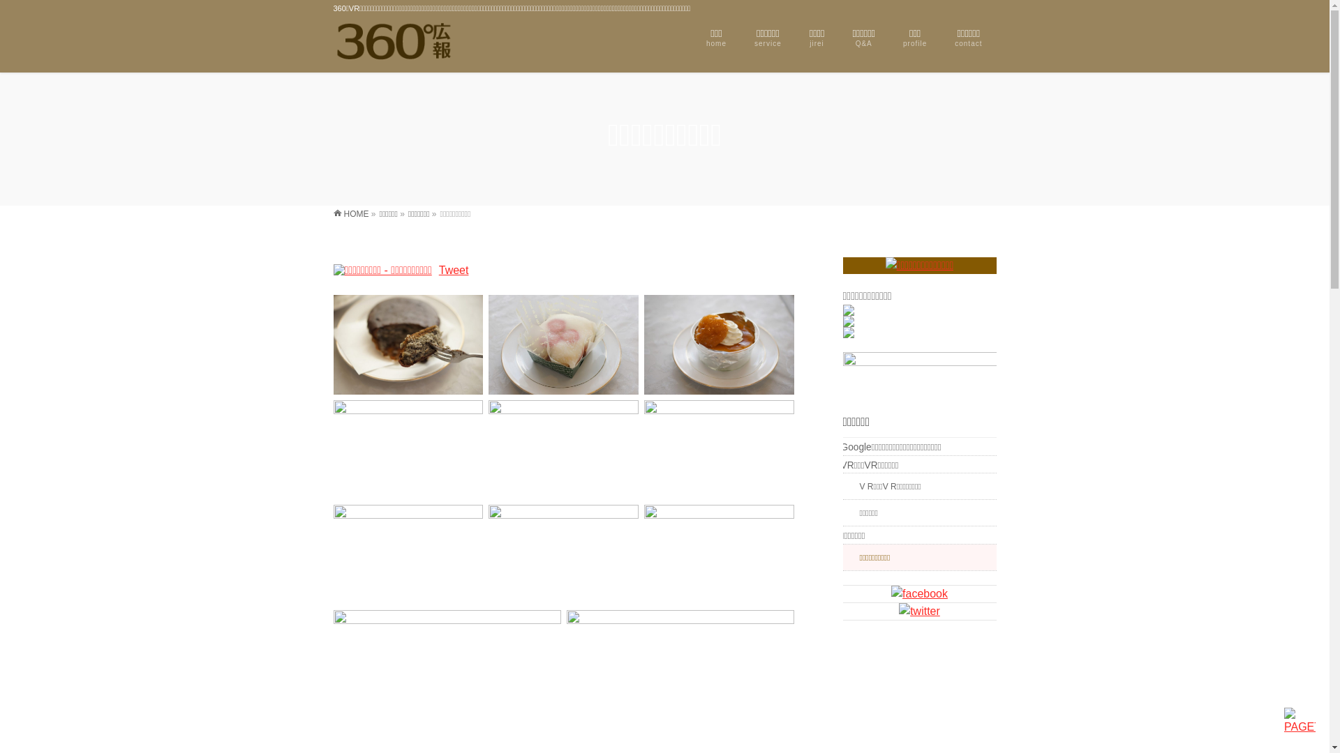 This screenshot has height=753, width=1340. I want to click on 'HOME', so click(351, 214).